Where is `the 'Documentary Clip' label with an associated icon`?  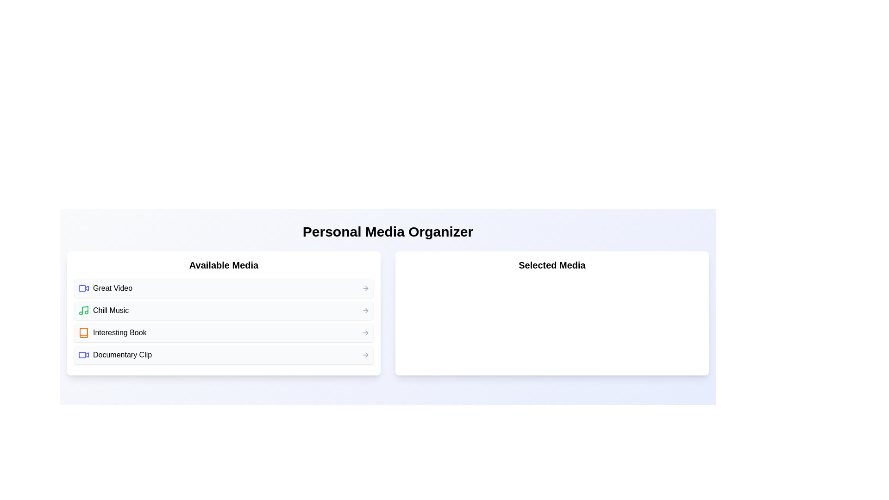 the 'Documentary Clip' label with an associated icon is located at coordinates (114, 355).